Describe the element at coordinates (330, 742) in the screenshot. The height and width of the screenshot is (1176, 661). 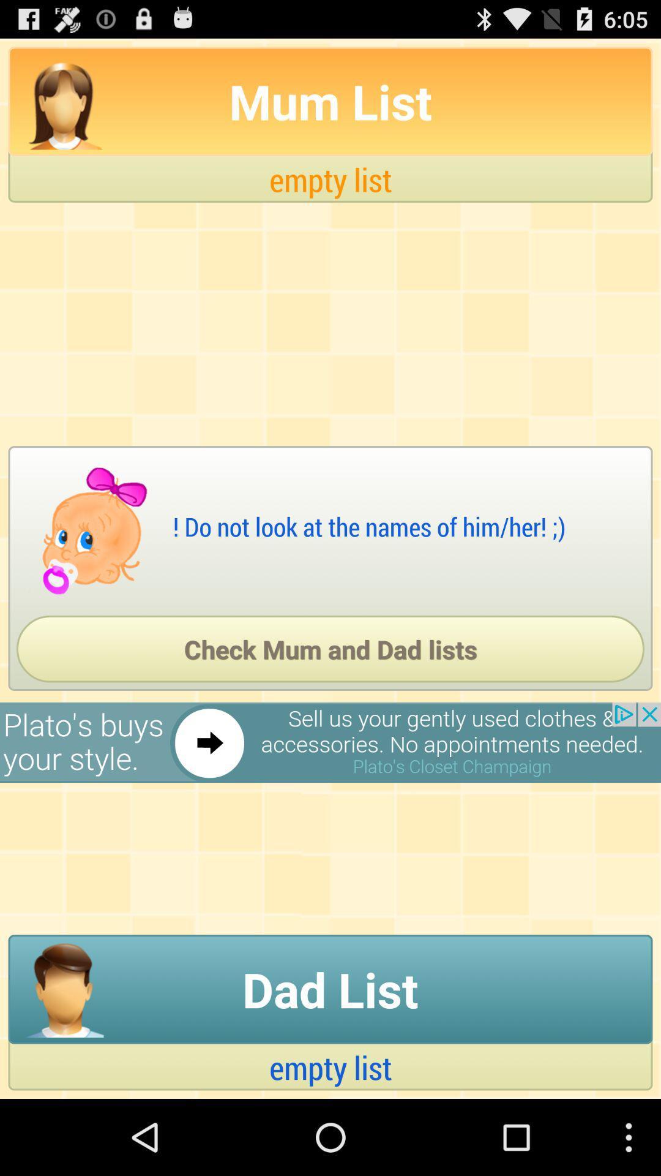
I see `space where you access advertising` at that location.